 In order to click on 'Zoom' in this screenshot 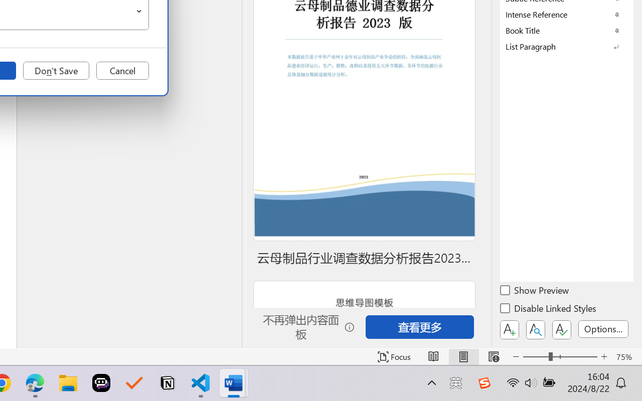, I will do `click(559, 356)`.